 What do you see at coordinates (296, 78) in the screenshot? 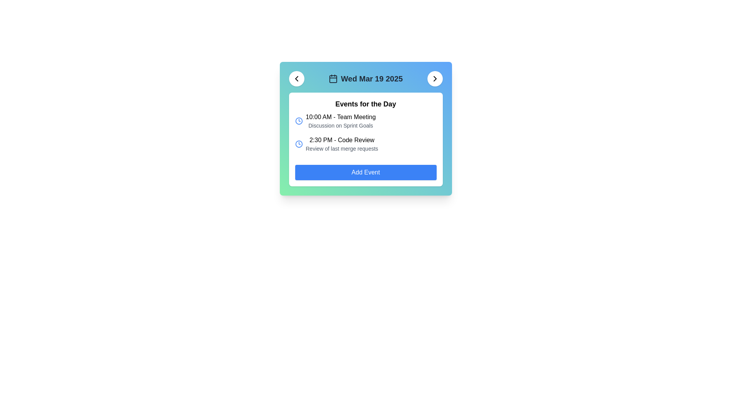
I see `the circular button with a white background and a black left-oriented chevron icon, located to the left of the text 'Wed Mar 19 2025'` at bounding box center [296, 78].